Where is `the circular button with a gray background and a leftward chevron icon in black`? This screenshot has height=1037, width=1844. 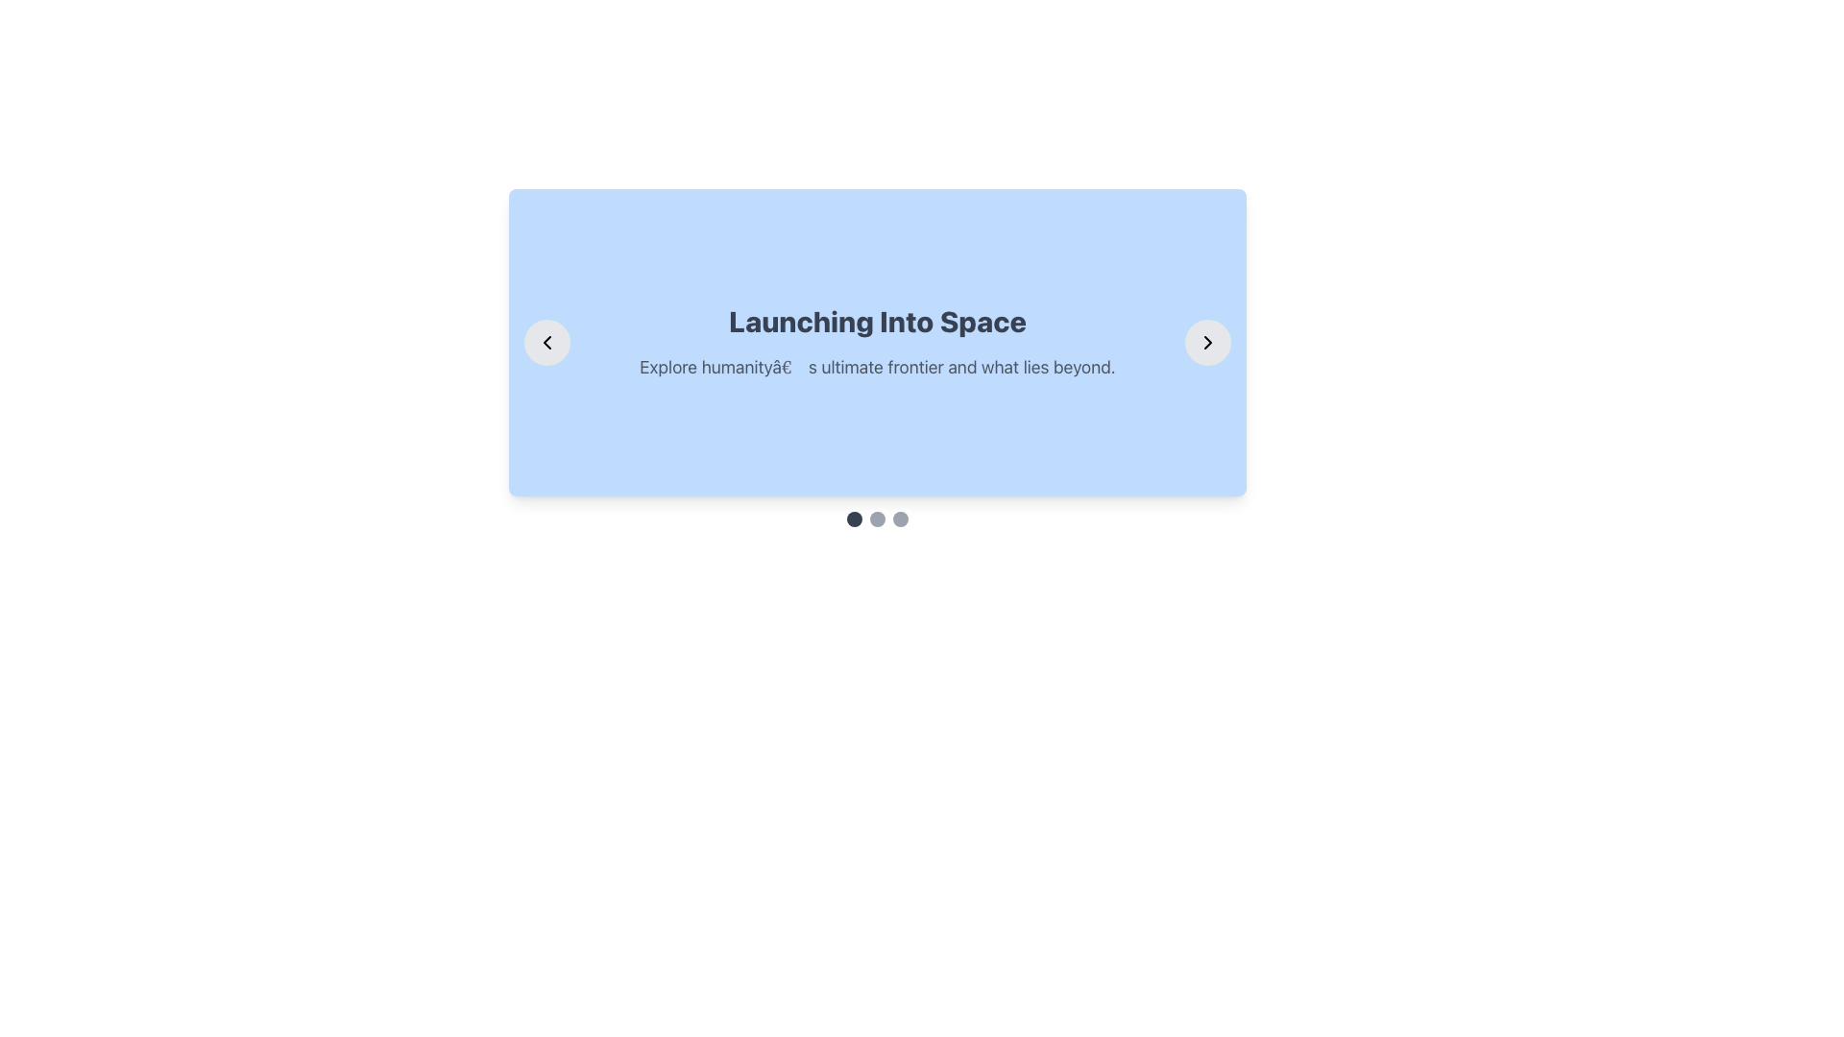
the circular button with a gray background and a leftward chevron icon in black is located at coordinates (546, 342).